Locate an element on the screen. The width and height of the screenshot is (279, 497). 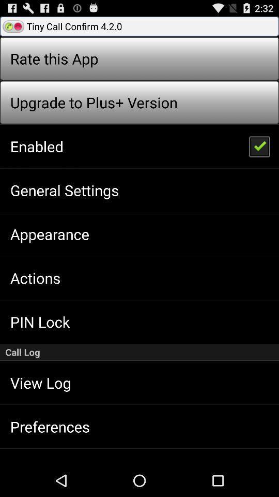
item below enabled app is located at coordinates (65, 189).